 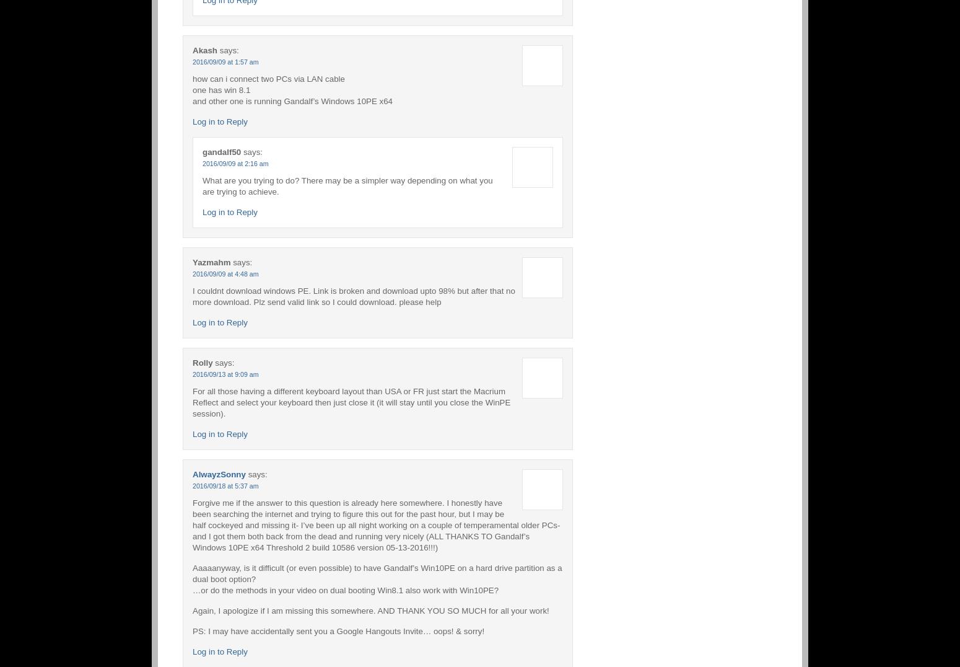 What do you see at coordinates (376, 524) in the screenshot?
I see `'Forgive me if the answer to this question is already here somewhere. I honestly have been searching the internet and trying to figure this out for the past hour, but I may be half cockeyed and missing it- I’ve been up all night working on a couple of temperamental older PCs- and I got them both back from the dead and running very nicely (ALL THANKS TO Gandalf’s Windows 10PE x64 Threshold 2 build 10586 version 05-13-2016!!!)'` at bounding box center [376, 524].